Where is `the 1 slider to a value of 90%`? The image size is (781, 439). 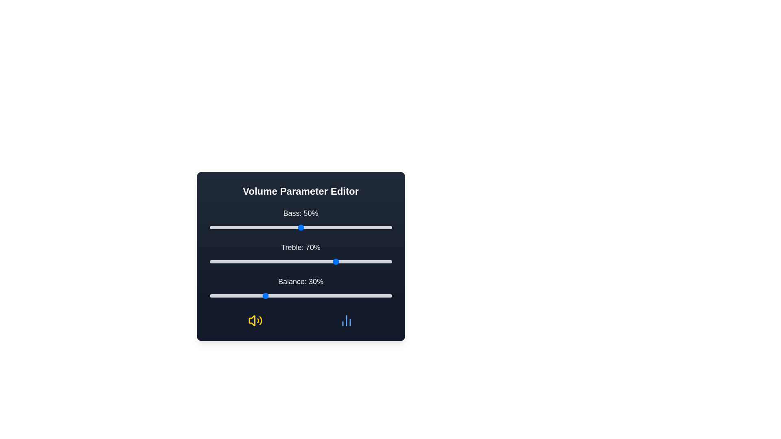
the 1 slider to a value of 90% is located at coordinates (373, 262).